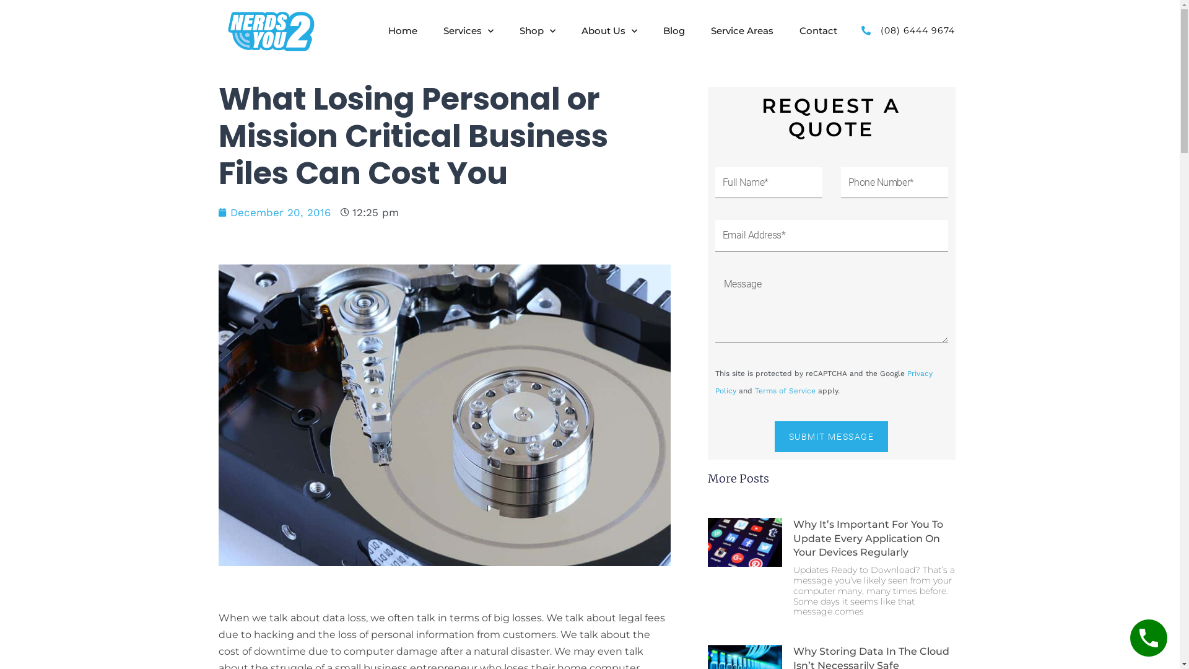  Describe the element at coordinates (905, 30) in the screenshot. I see `'(08) 6444 9674'` at that location.